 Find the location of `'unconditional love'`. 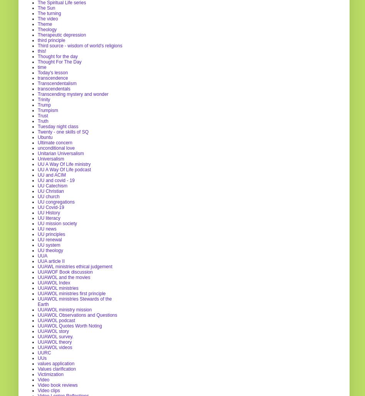

'unconditional love' is located at coordinates (55, 147).